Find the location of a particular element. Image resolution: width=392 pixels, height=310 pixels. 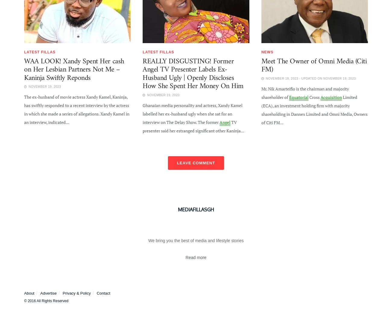

'Ghanaian media personality and actress, Xandy Kamel labelled her ex-husband ugly when she sat for an interview on The Delay Show. The former' is located at coordinates (192, 113).